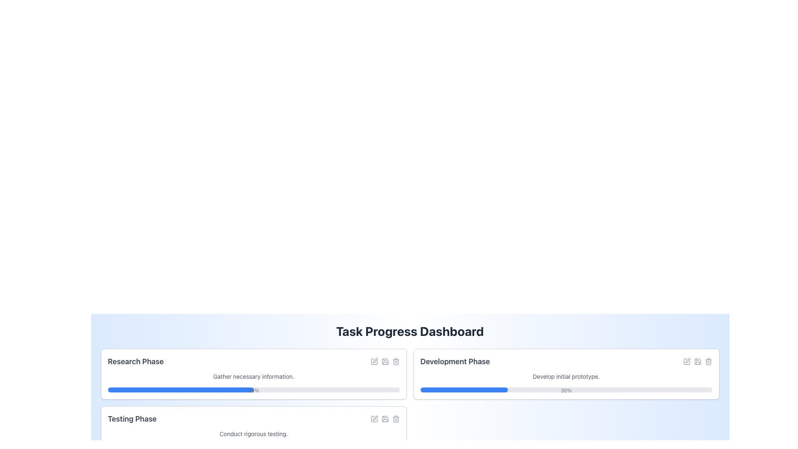 The width and height of the screenshot is (798, 449). I want to click on displayed text from the percentage indicator label located above the progress bar for the 'Development Phase' task, positioned near the 30% mark, so click(566, 391).